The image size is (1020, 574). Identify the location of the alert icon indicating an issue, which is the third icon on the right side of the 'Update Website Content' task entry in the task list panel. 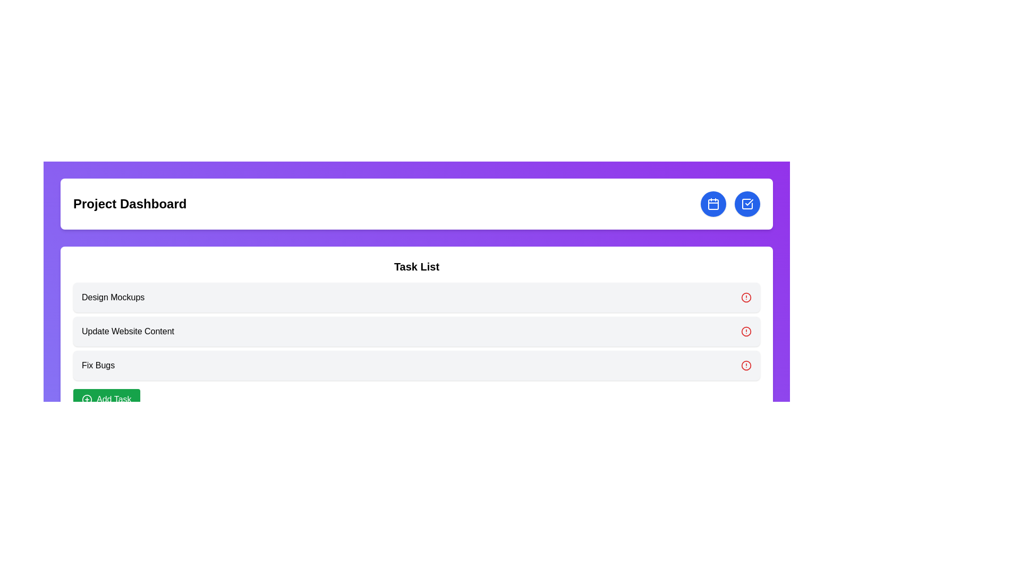
(746, 331).